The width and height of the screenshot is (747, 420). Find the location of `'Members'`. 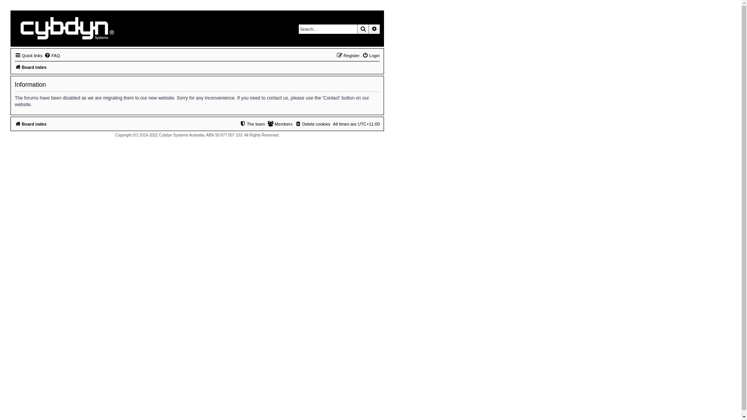

'Members' is located at coordinates (280, 124).